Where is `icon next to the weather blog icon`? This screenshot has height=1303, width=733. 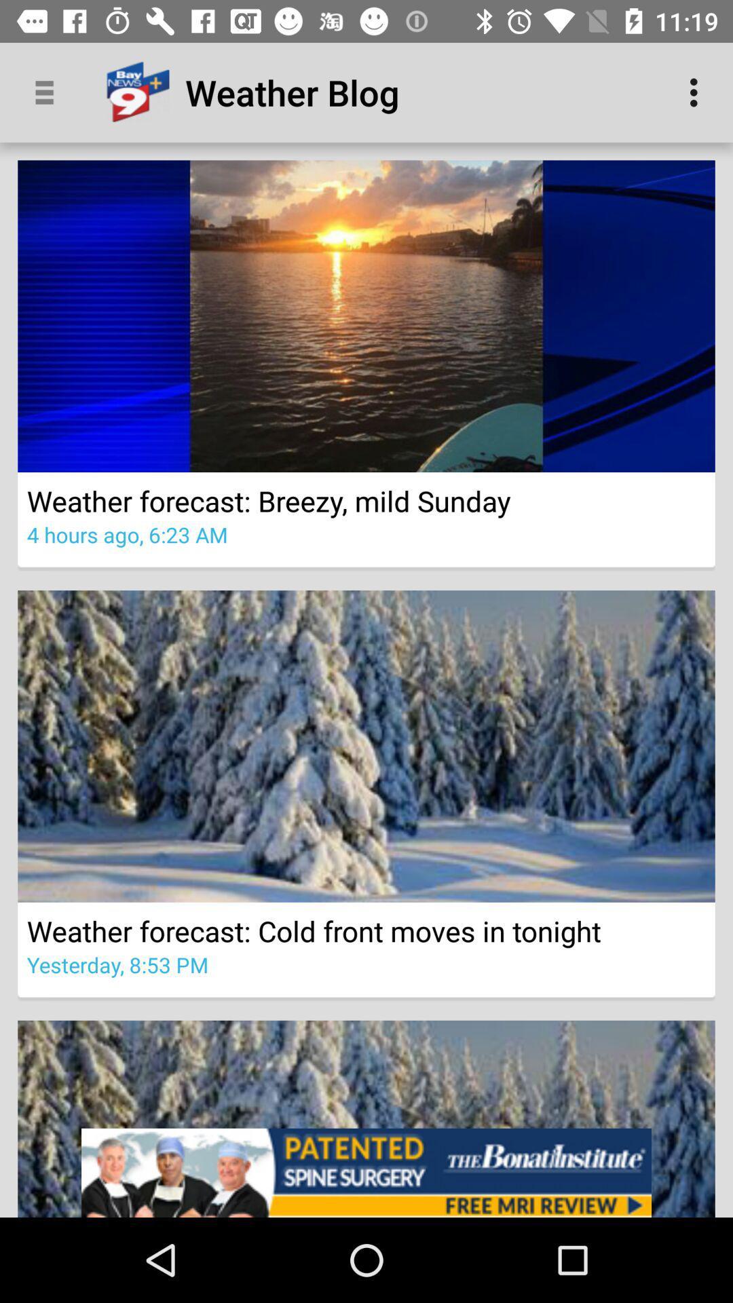 icon next to the weather blog icon is located at coordinates (697, 92).